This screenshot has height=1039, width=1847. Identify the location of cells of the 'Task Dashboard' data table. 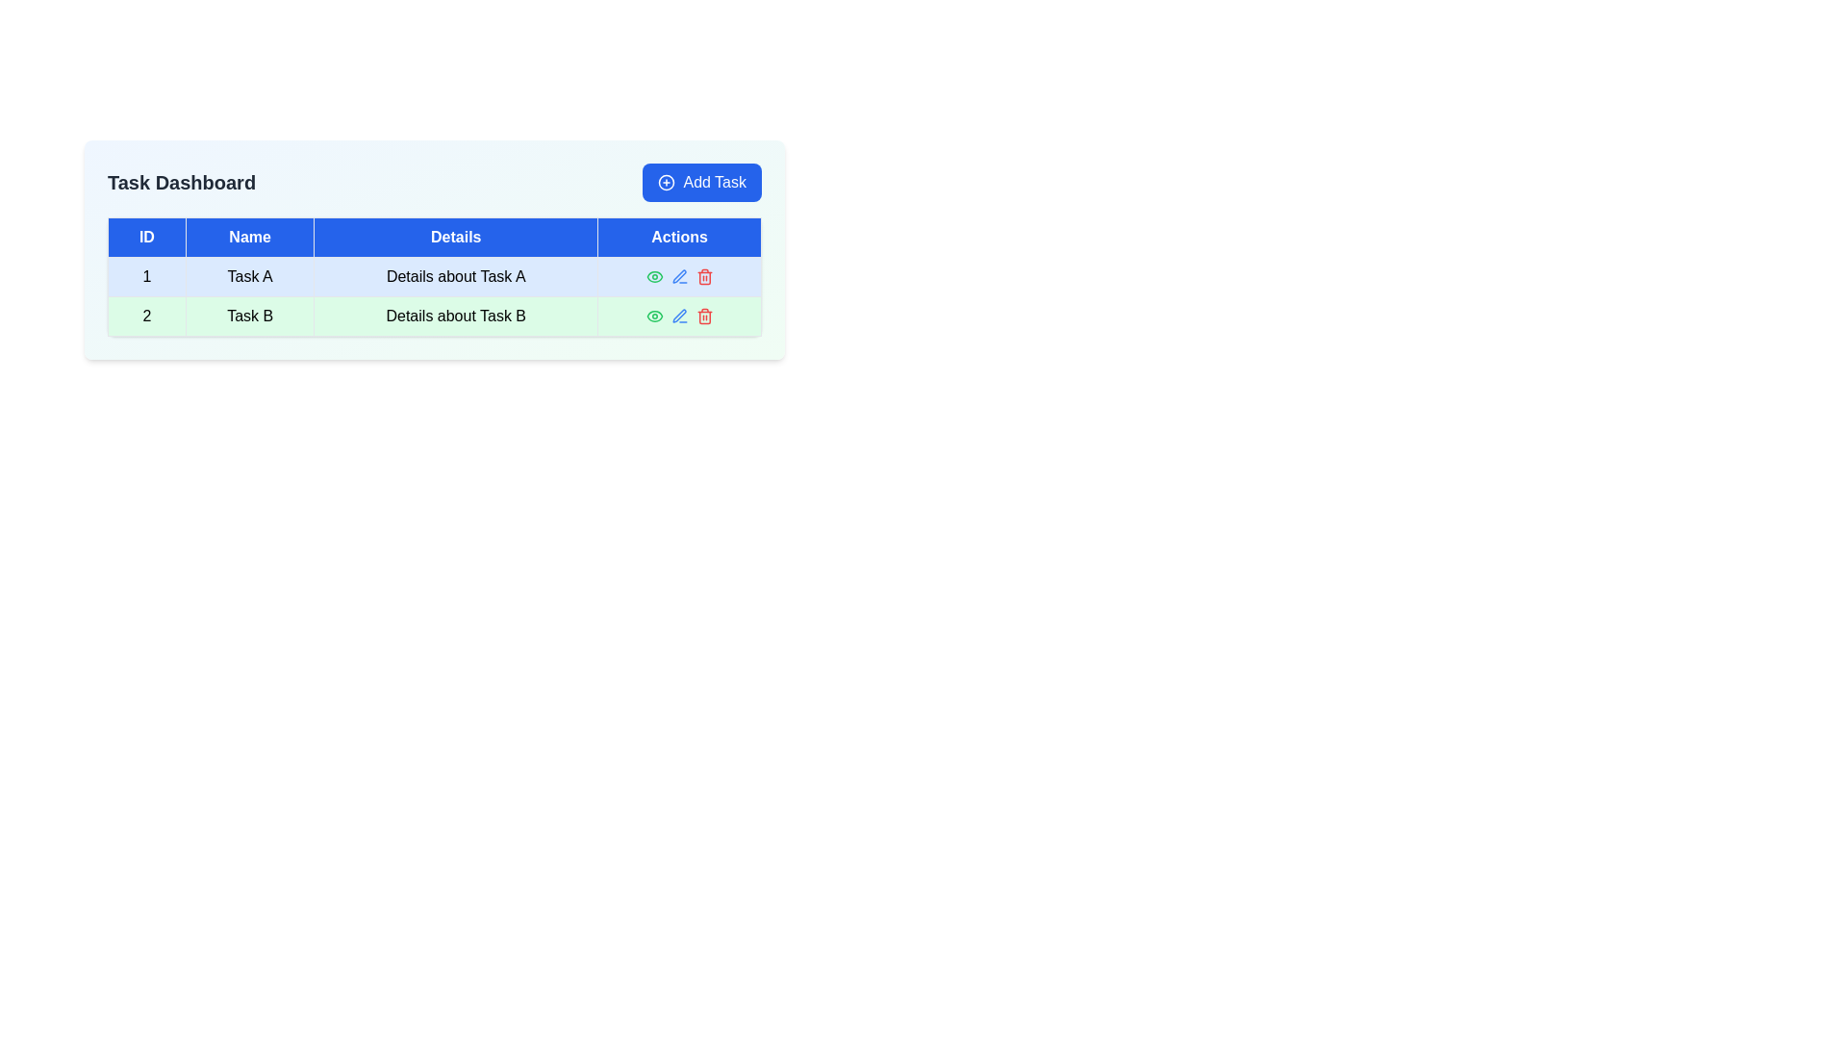
(433, 324).